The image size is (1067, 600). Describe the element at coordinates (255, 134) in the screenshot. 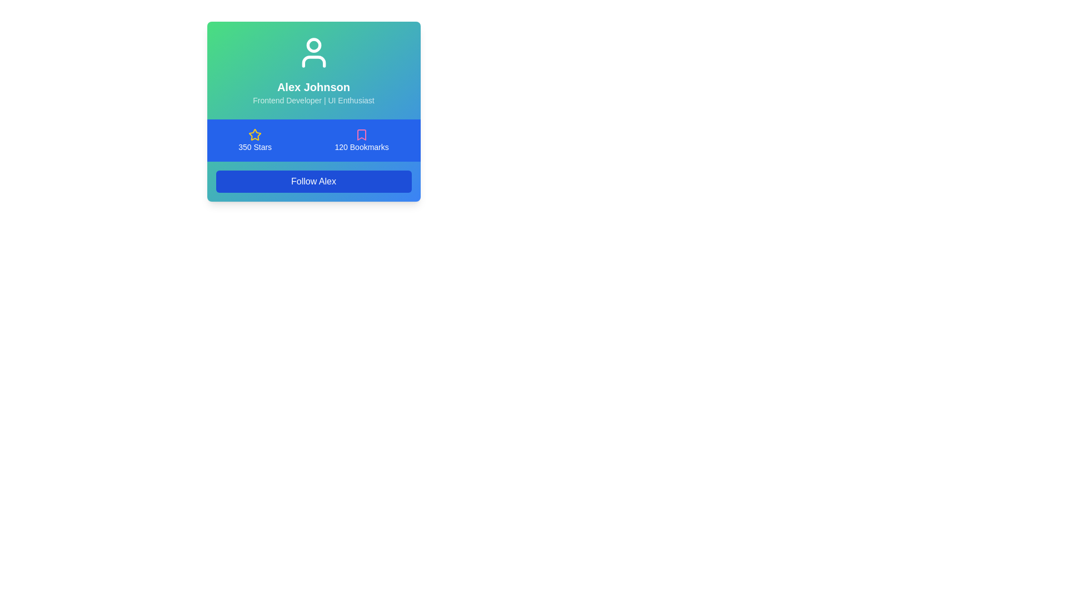

I see `the yellow star-shaped icon with a blue background` at that location.